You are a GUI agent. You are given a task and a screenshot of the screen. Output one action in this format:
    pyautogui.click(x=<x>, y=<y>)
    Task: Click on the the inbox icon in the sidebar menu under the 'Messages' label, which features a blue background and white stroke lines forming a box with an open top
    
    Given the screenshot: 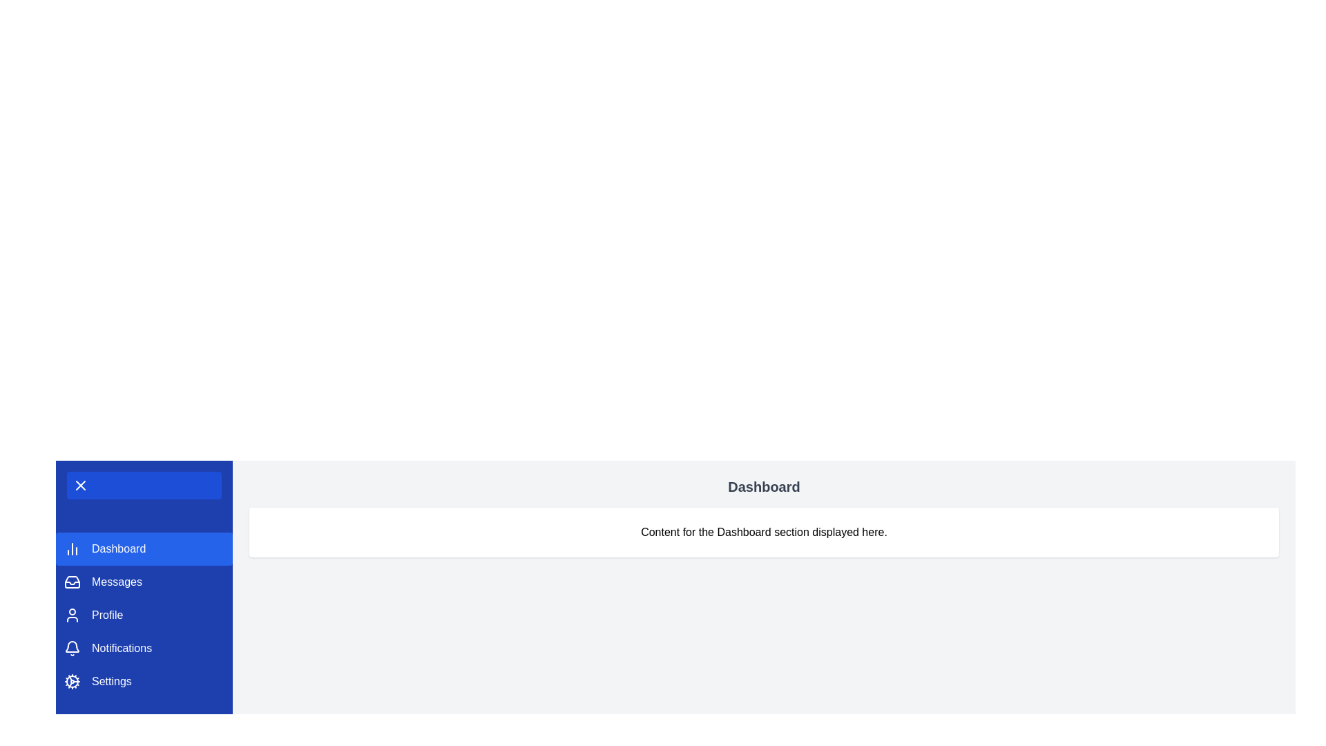 What is the action you would take?
    pyautogui.click(x=72, y=582)
    